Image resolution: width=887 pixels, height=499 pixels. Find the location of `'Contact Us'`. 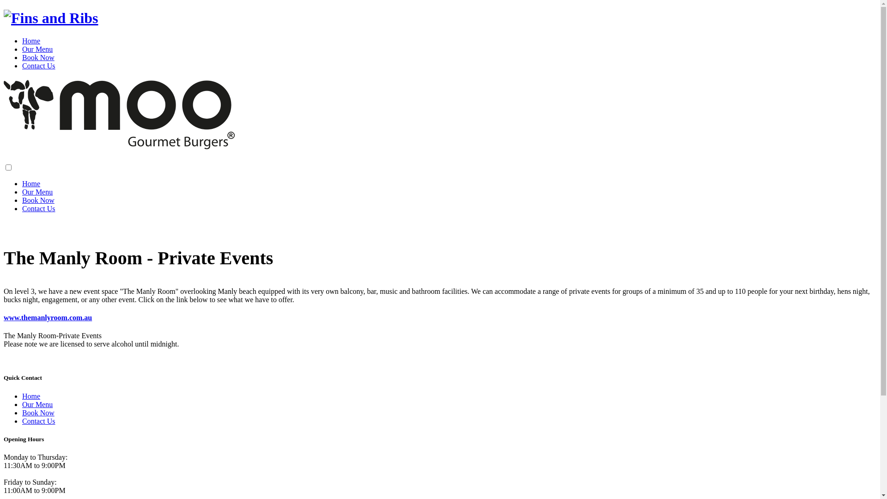

'Contact Us' is located at coordinates (38, 208).